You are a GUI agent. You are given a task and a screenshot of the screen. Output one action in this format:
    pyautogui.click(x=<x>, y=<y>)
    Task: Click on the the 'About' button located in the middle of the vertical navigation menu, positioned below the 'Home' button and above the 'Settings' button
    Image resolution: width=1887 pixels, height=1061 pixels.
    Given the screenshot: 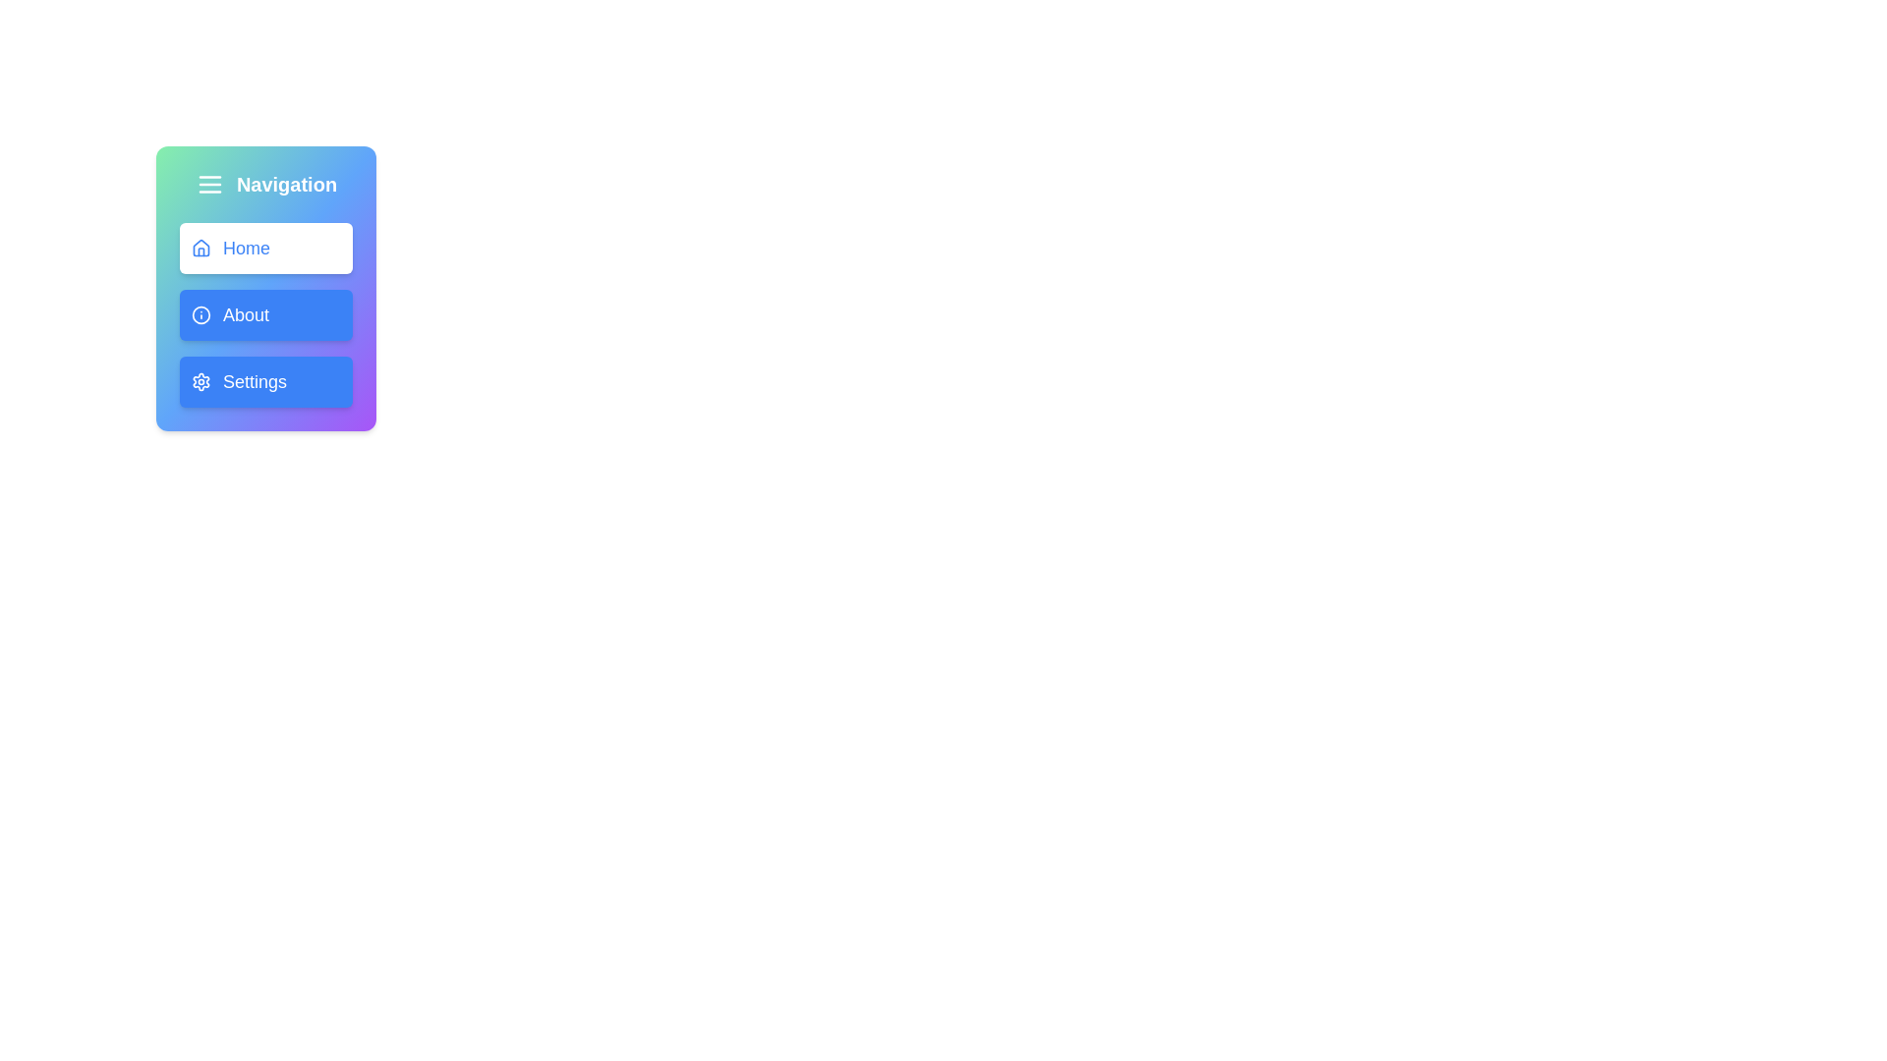 What is the action you would take?
    pyautogui.click(x=264, y=313)
    